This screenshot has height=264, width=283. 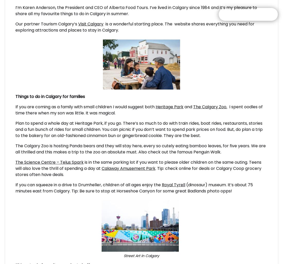 I want to click on 'I spent oodles of time there when my son was little. It was magical.', so click(x=139, y=110).